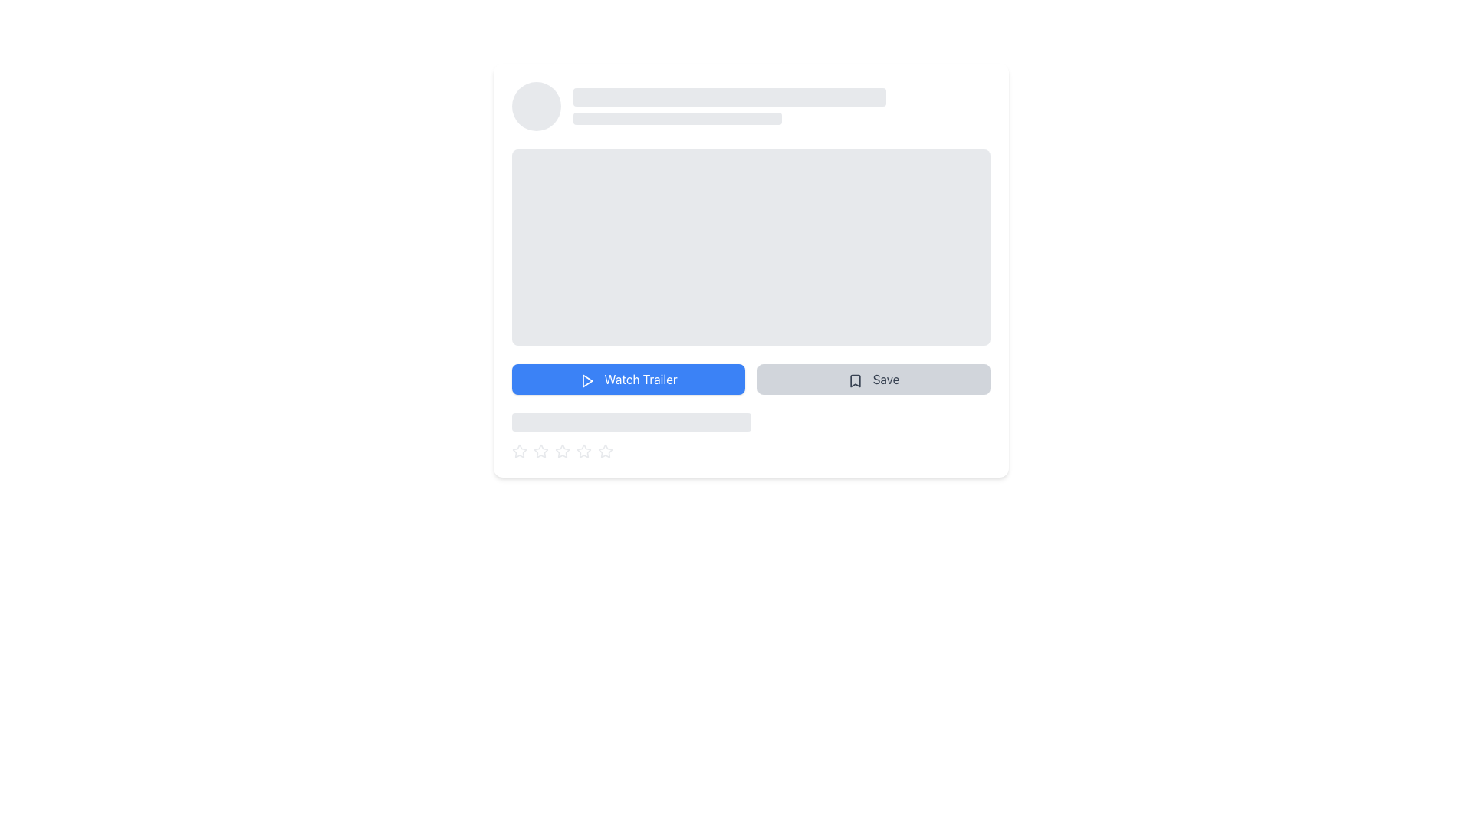 The height and width of the screenshot is (828, 1472). I want to click on the save button, which is located immediately to the right of the blue 'Watch Trailer' button, so click(874, 379).